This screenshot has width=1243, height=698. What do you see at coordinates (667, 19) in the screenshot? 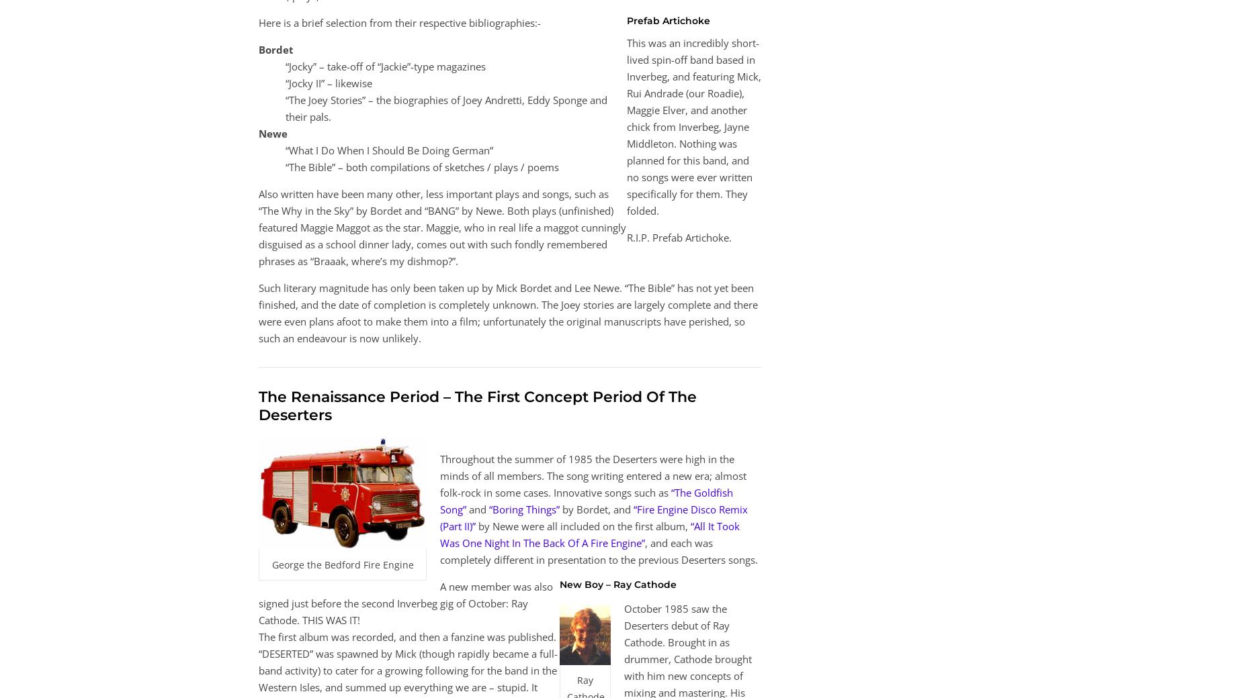
I see `'Prefab Artichoke'` at bounding box center [667, 19].